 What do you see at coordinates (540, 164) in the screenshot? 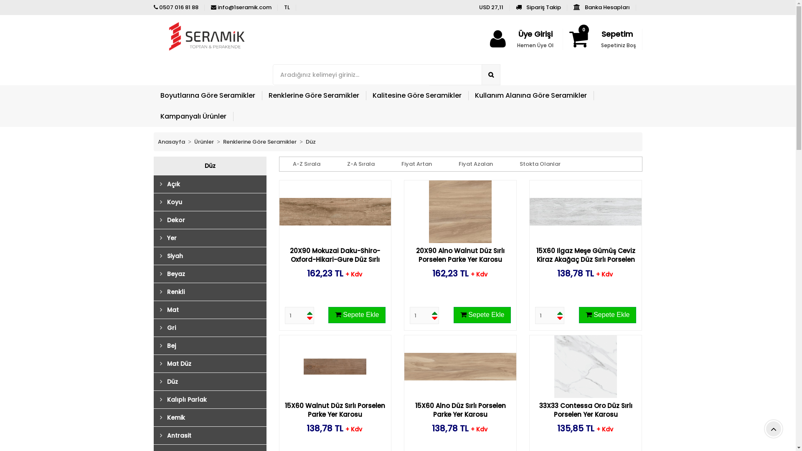
I see `'Stokta Olanlar'` at bounding box center [540, 164].